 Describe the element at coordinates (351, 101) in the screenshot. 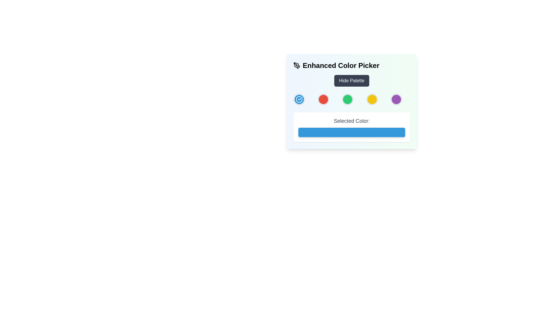

I see `the selectable color option, which is a distinct rounded circular icon with a green background located in the middle of a row of similar icons` at that location.